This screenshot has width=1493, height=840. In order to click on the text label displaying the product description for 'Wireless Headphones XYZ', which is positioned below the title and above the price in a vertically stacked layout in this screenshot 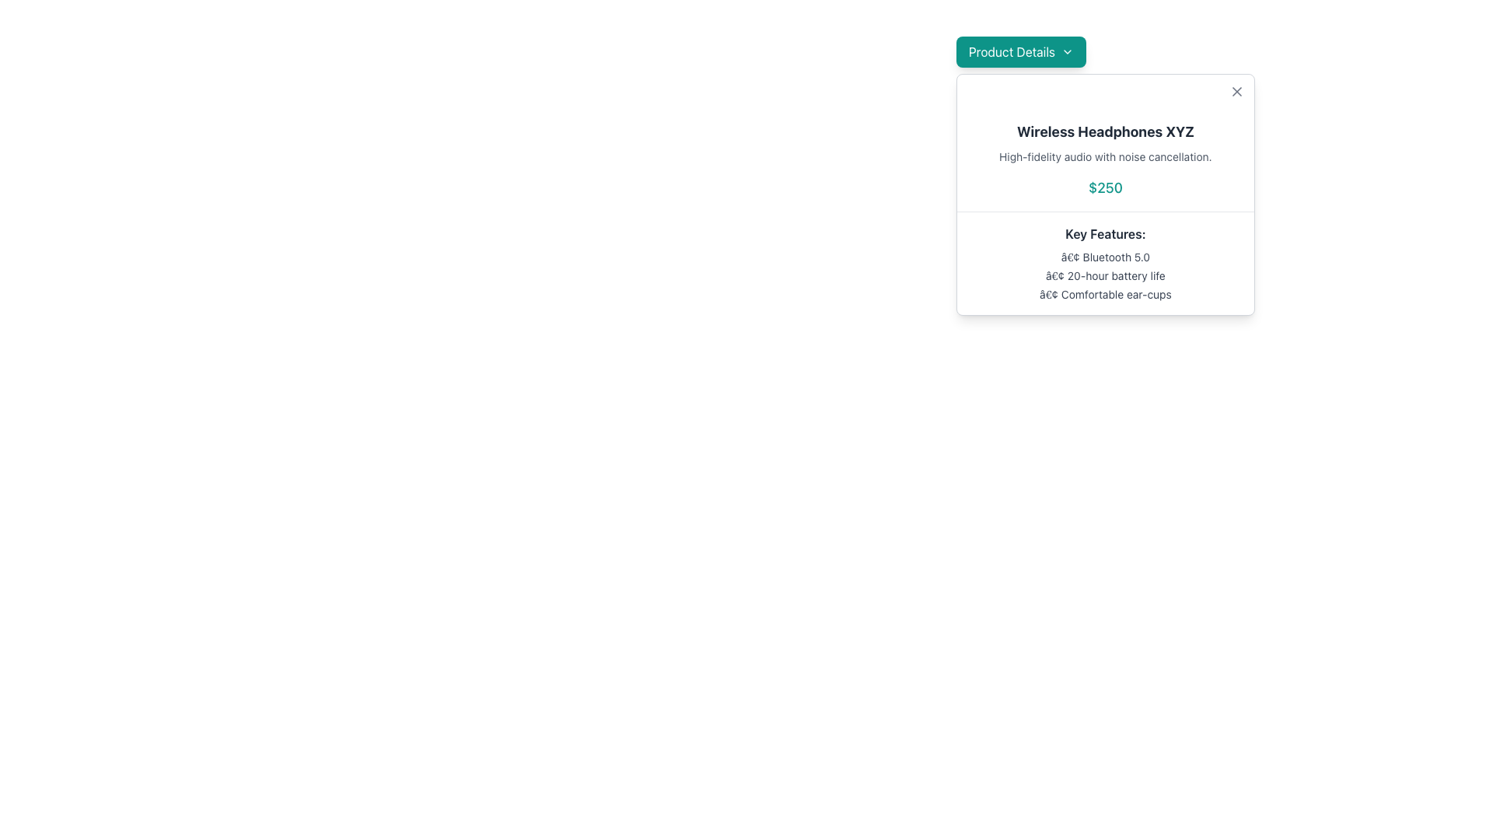, I will do `click(1104, 156)`.